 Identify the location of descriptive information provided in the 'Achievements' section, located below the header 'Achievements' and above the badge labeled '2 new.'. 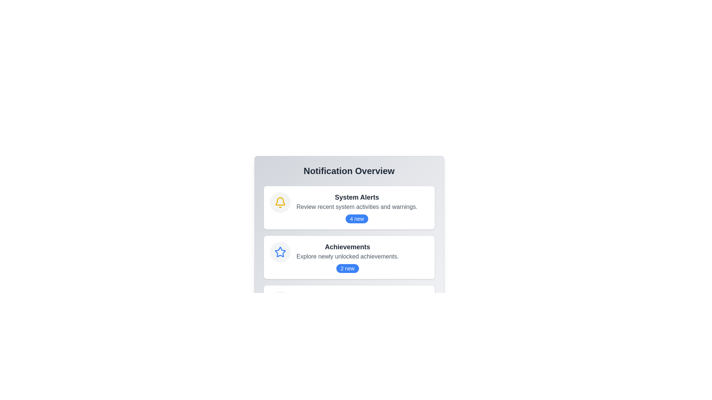
(347, 256).